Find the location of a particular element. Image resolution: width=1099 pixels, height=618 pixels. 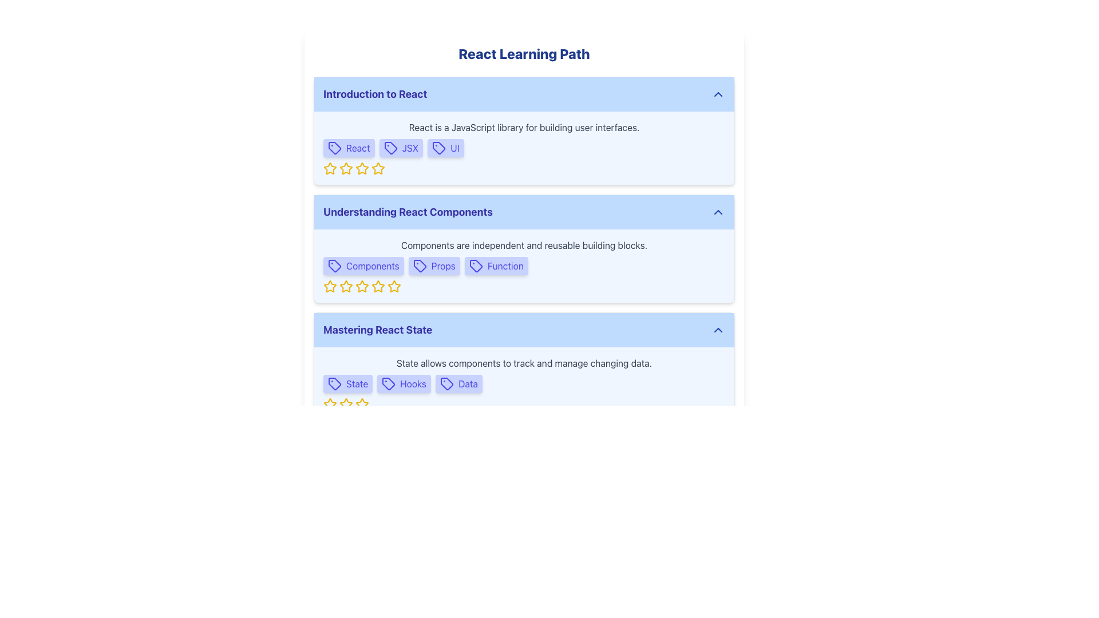

the fifth rating star icon representing a rating of 5 out of 5, located below the 'Introduction to React' section is located at coordinates (378, 168).